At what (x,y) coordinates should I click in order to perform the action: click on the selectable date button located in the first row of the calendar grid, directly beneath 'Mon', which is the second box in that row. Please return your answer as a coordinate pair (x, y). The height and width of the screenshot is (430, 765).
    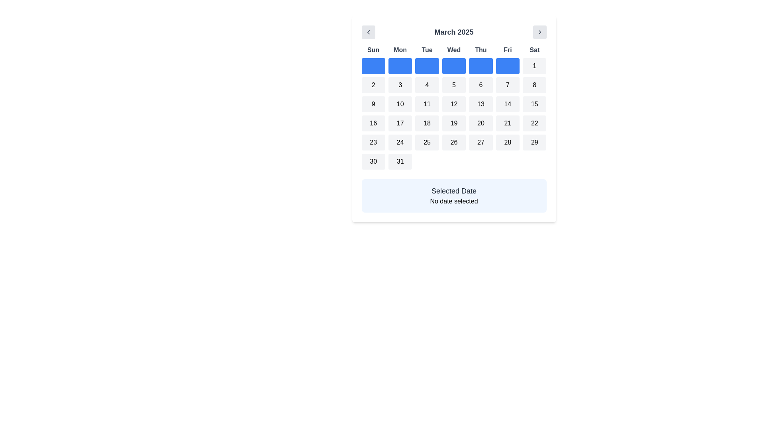
    Looking at the image, I should click on (400, 65).